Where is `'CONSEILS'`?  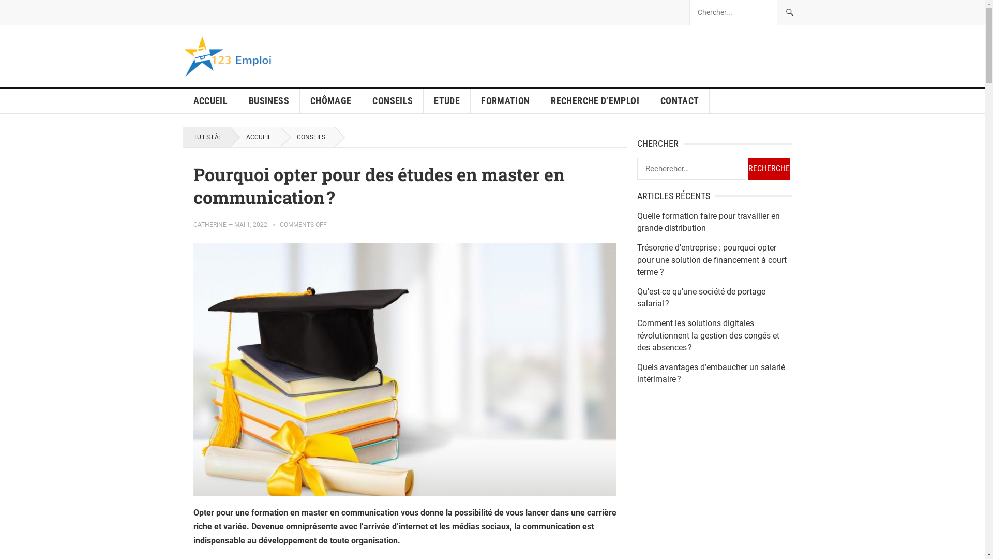 'CONSEILS' is located at coordinates (392, 101).